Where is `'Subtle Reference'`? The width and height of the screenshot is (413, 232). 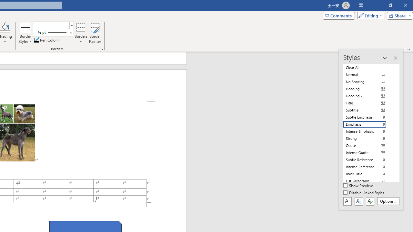
'Subtle Reference' is located at coordinates (368, 159).